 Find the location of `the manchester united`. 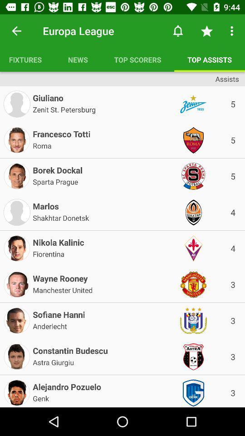

the manchester united is located at coordinates (62, 289).